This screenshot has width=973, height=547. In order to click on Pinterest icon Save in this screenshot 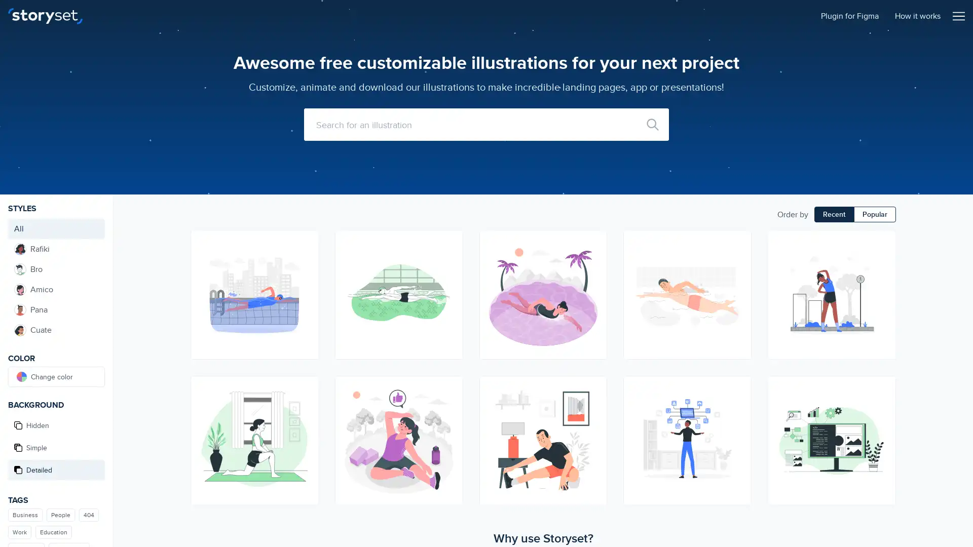, I will do `click(739, 279)`.